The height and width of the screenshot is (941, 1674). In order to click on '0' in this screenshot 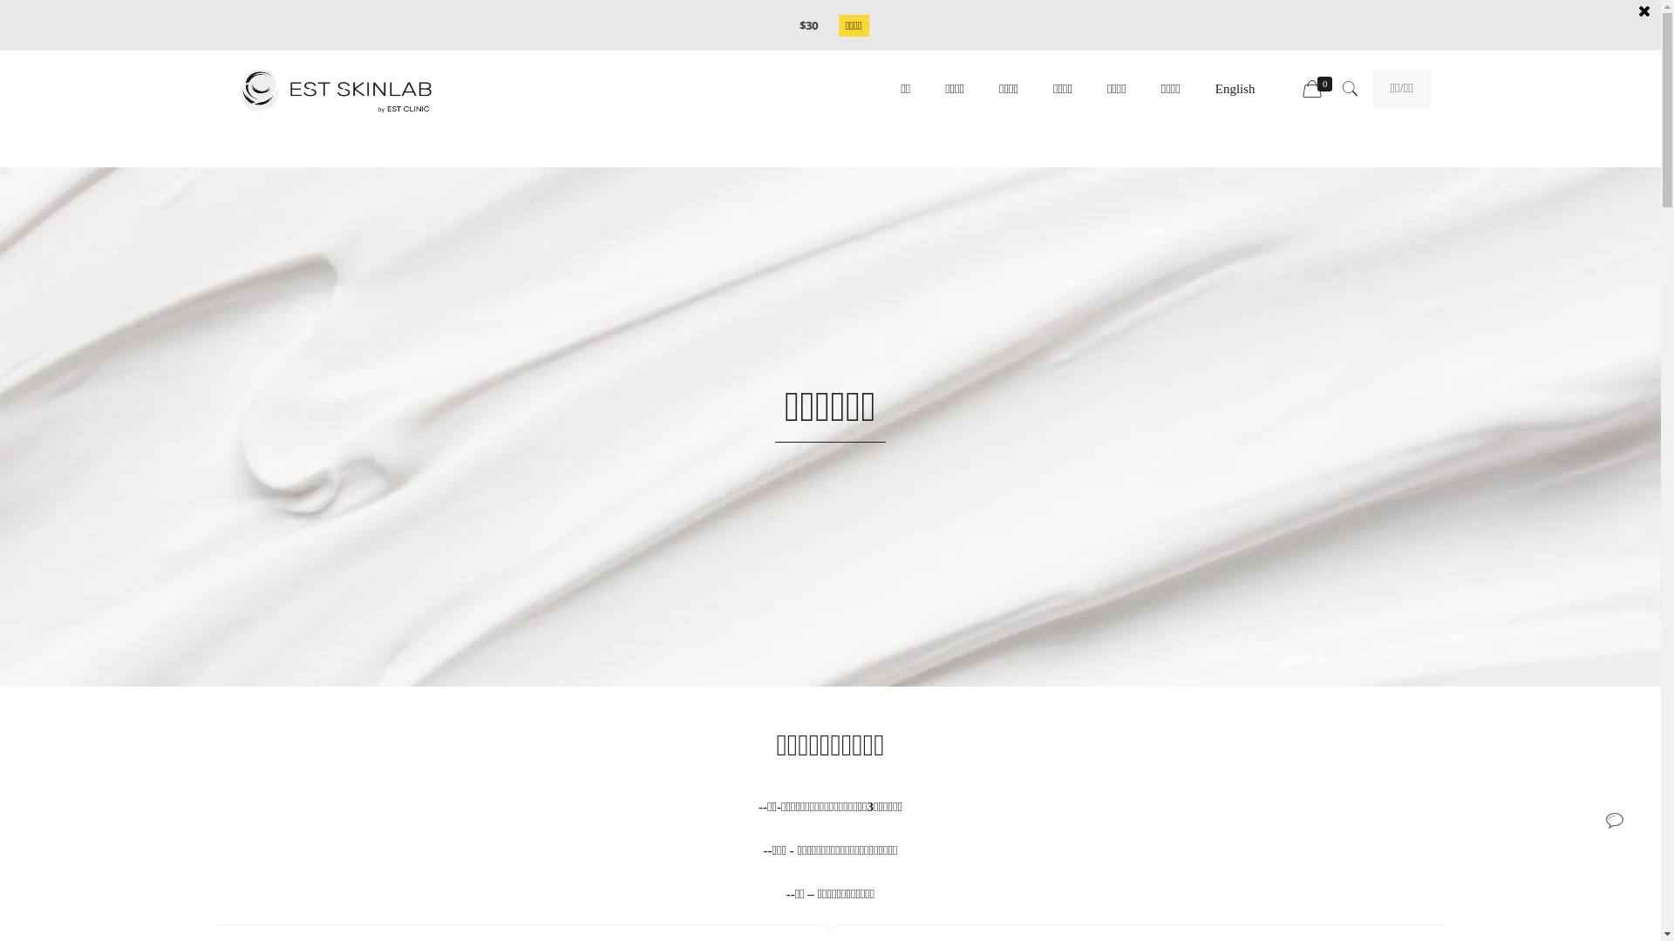, I will do `click(1319, 90)`.